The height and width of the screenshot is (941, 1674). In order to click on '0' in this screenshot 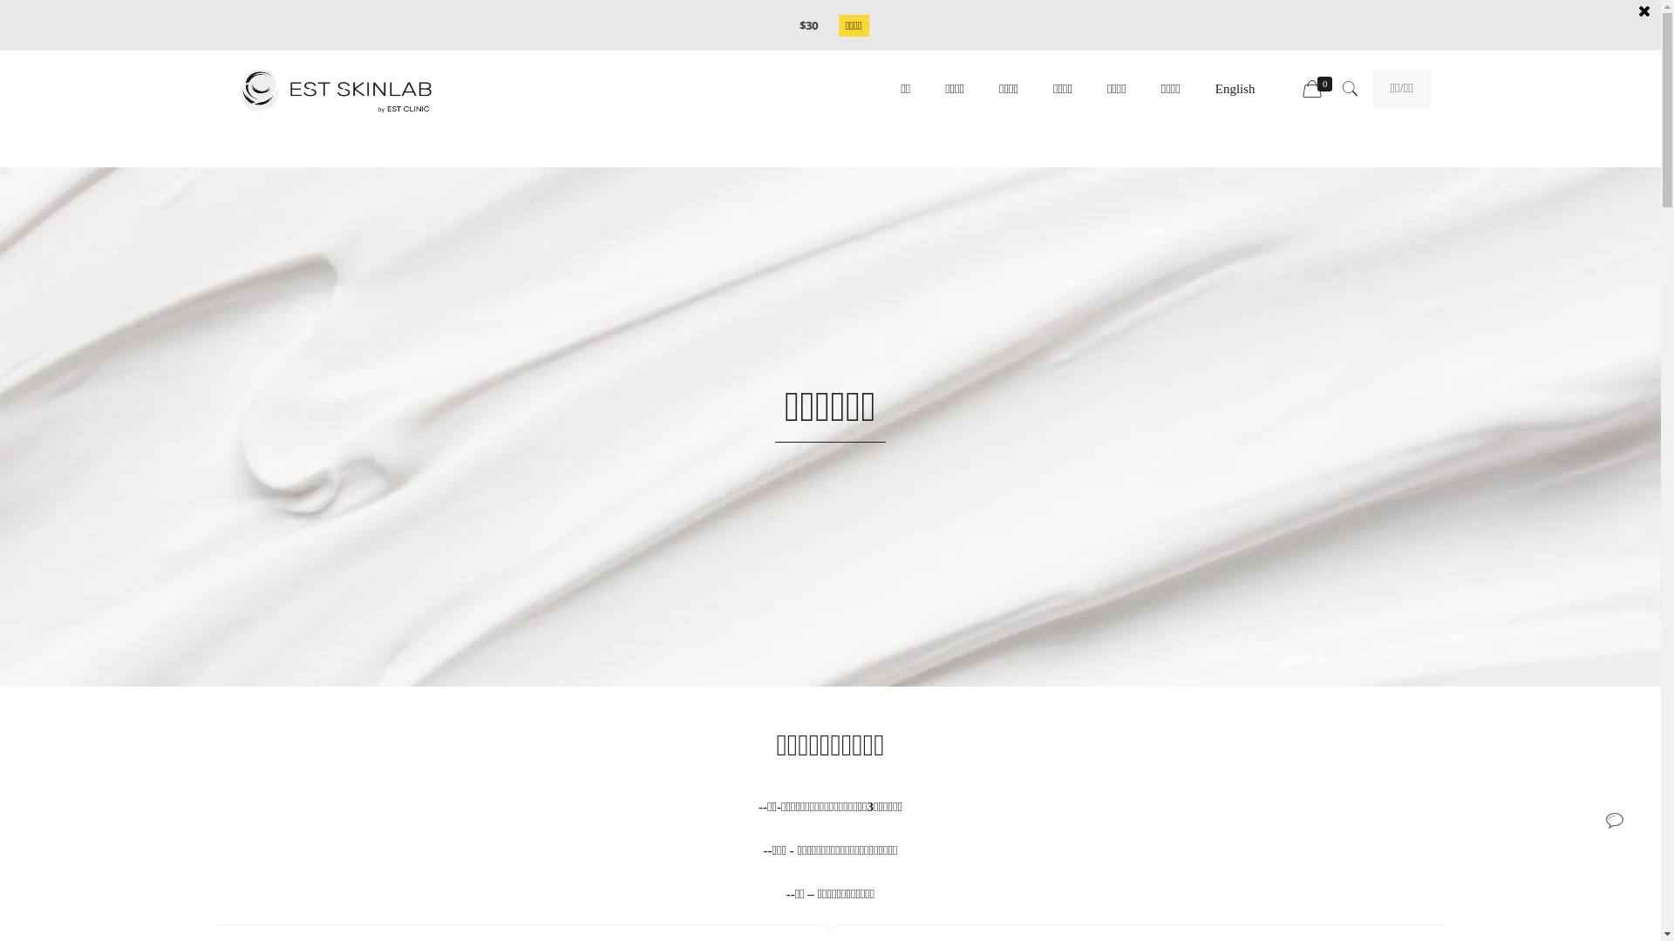, I will do `click(1319, 90)`.